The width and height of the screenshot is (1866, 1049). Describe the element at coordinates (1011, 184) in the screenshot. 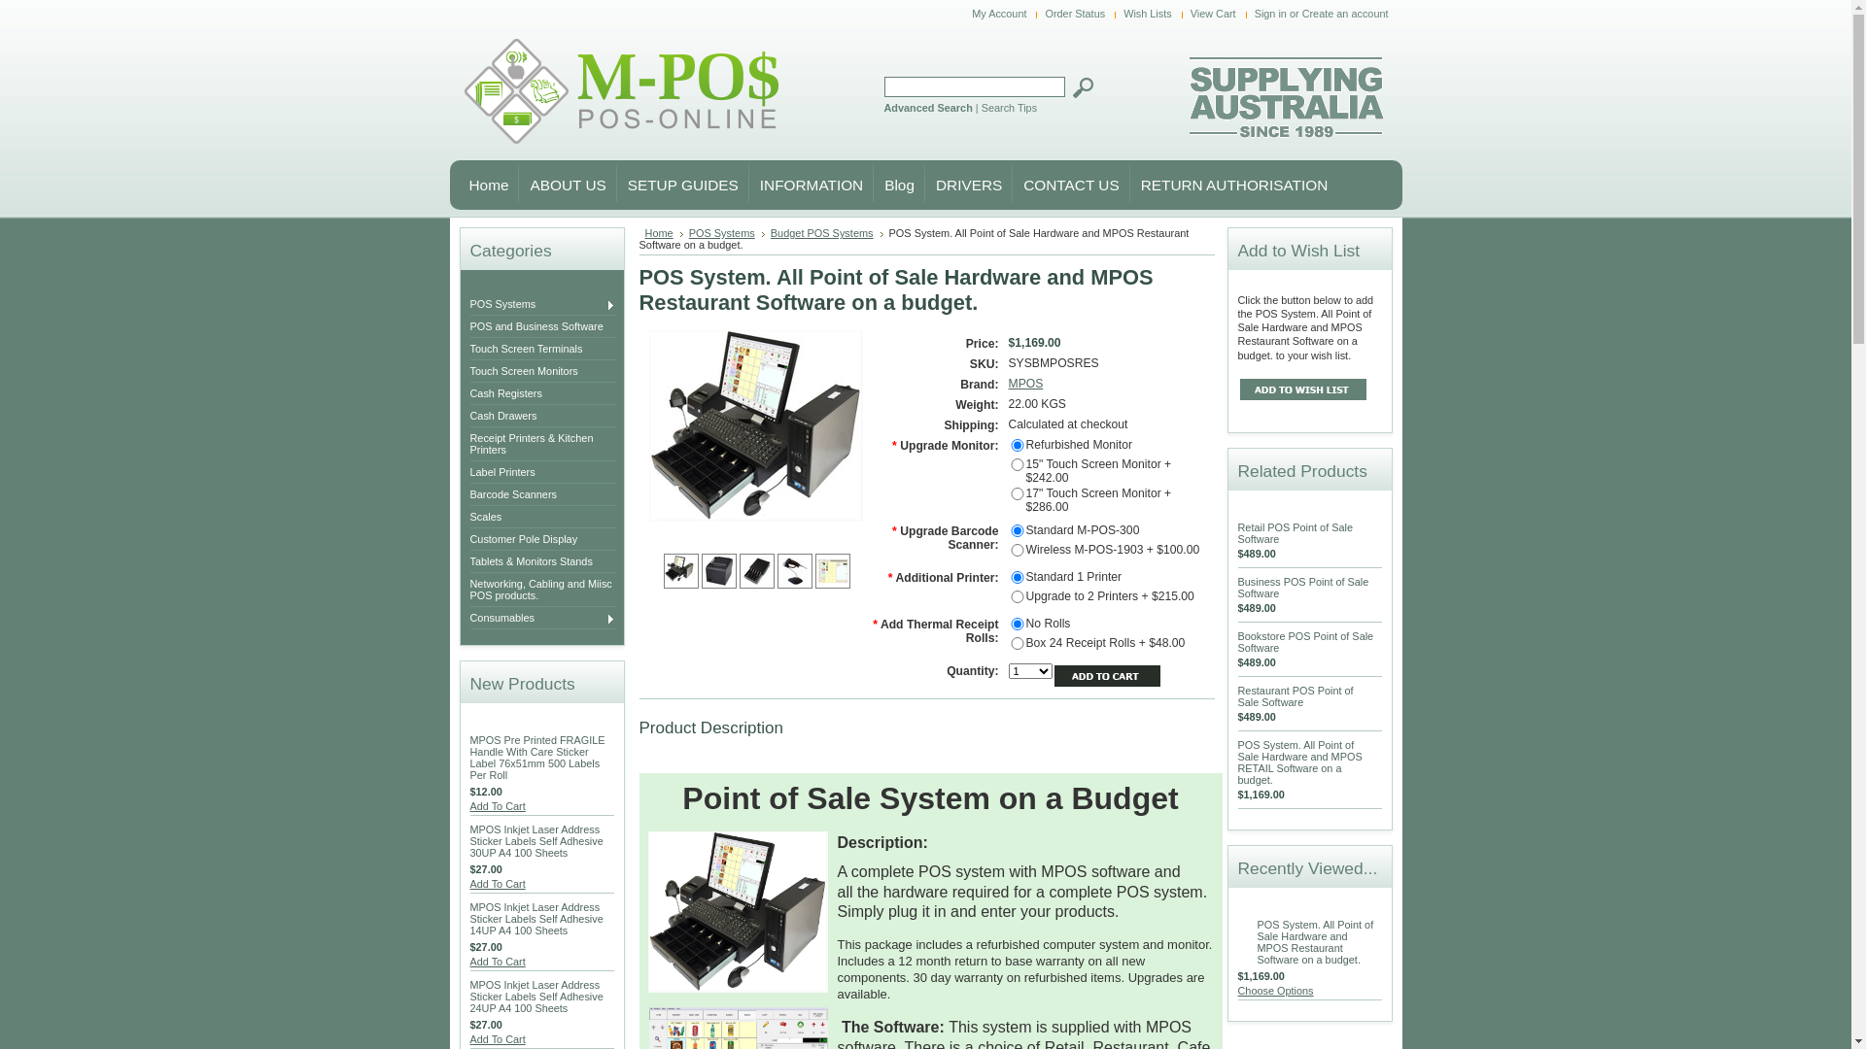

I see `'CONTACT US'` at that location.